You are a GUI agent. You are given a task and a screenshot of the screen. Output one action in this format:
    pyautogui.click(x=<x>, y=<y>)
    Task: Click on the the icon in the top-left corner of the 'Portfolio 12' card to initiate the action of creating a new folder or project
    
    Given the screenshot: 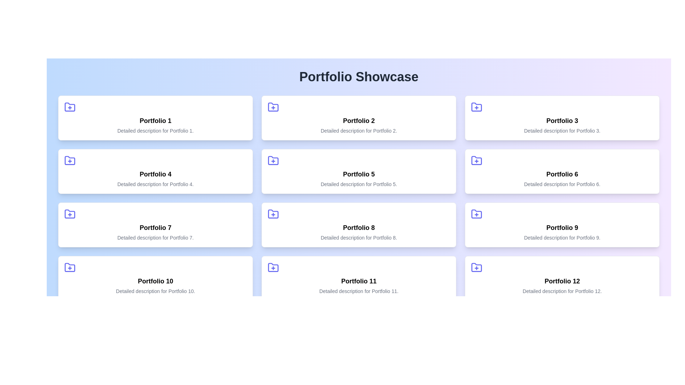 What is the action you would take?
    pyautogui.click(x=476, y=268)
    